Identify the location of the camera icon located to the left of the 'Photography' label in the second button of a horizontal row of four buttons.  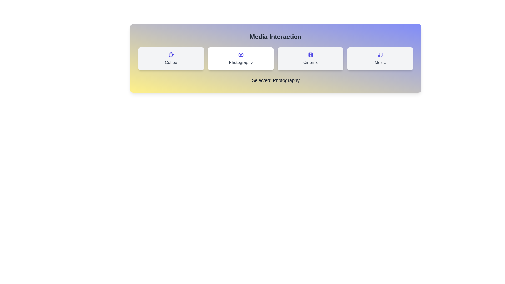
(240, 55).